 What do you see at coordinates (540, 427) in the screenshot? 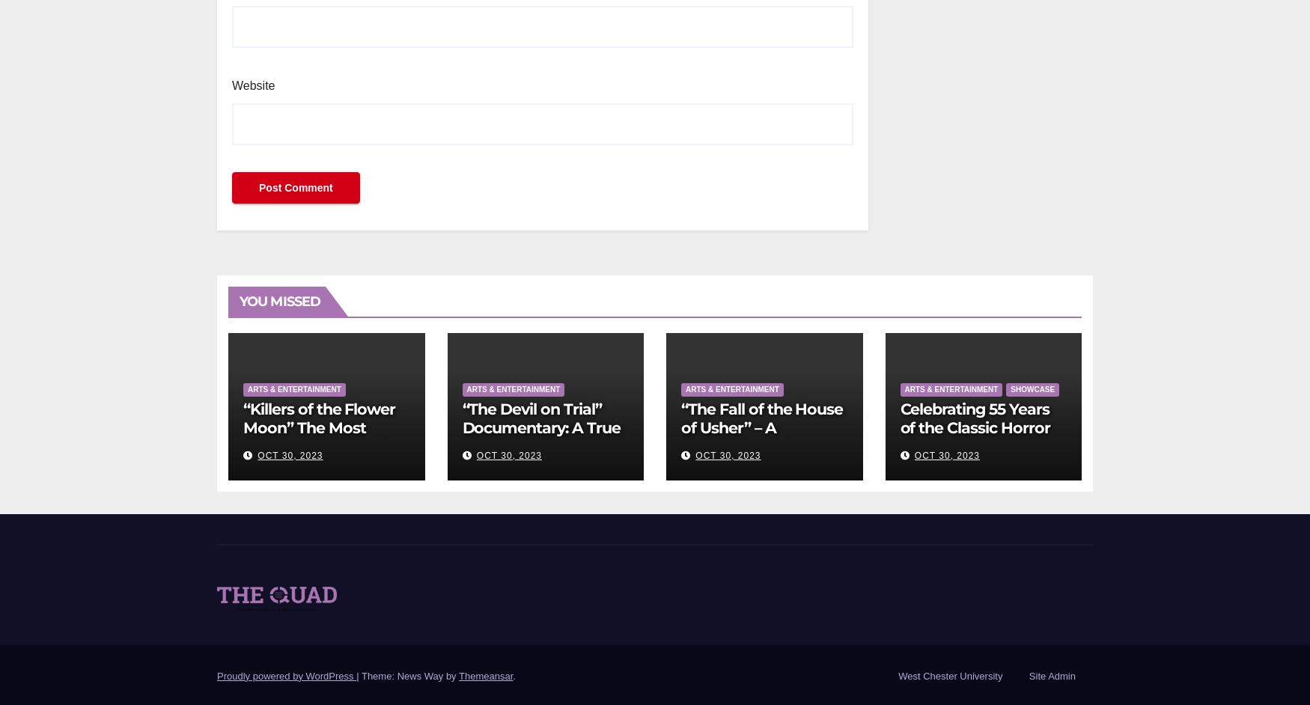
I see `'“The Devil on Trial” Documentary: A True Story'` at bounding box center [540, 427].